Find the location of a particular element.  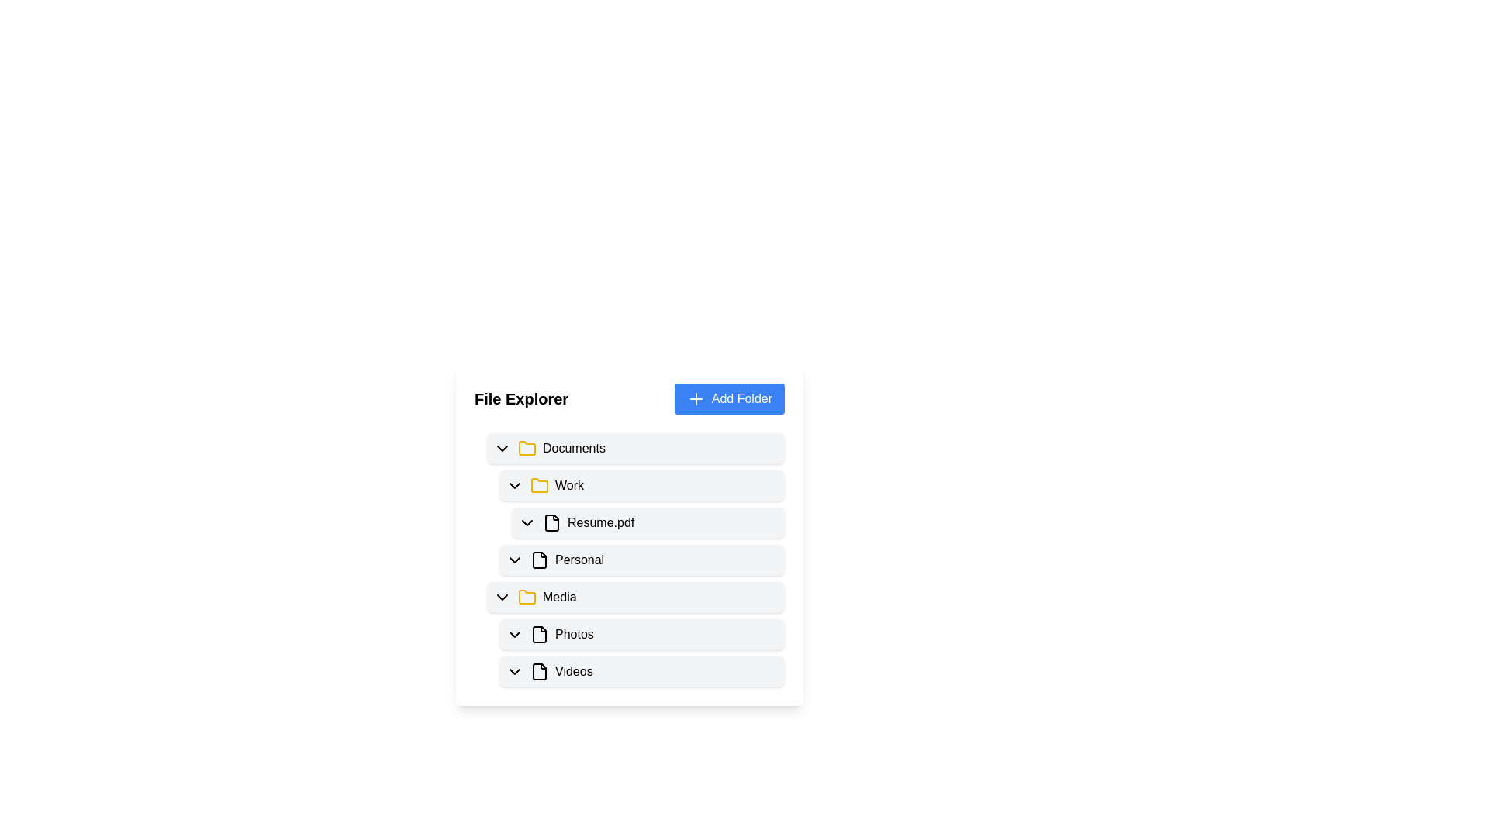

the 'Personal' button in the file explorer is located at coordinates (636, 556).